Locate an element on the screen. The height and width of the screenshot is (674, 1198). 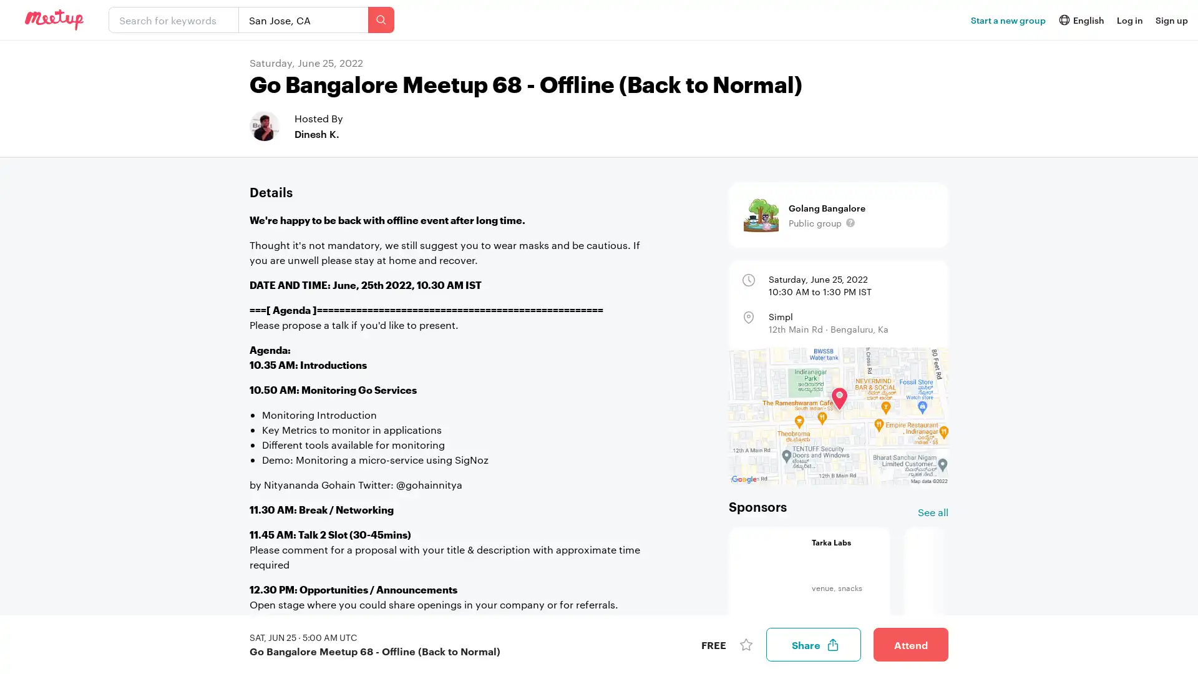
This groups content, including its members and event details, are visible to the public. is located at coordinates (850, 222).